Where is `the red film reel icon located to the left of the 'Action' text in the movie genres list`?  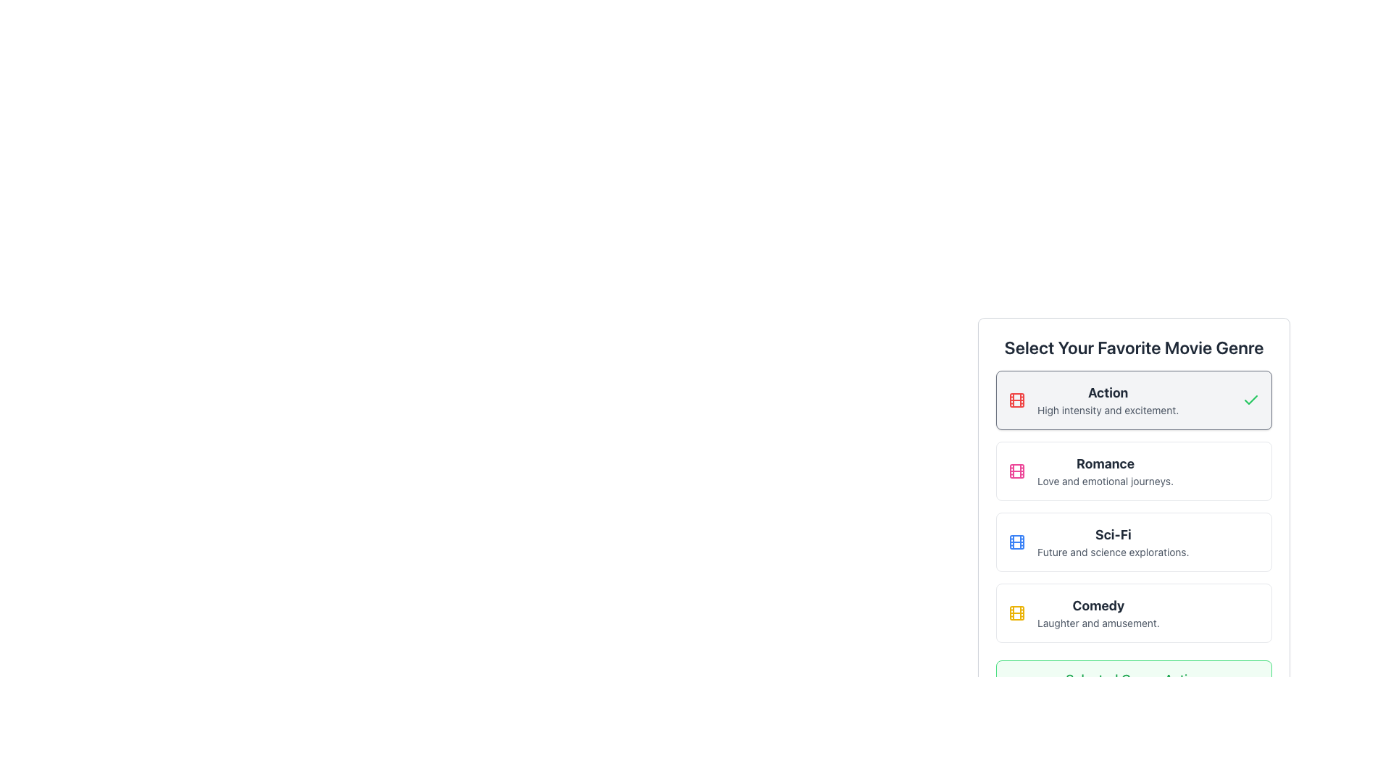
the red film reel icon located to the left of the 'Action' text in the movie genres list is located at coordinates (1016, 400).